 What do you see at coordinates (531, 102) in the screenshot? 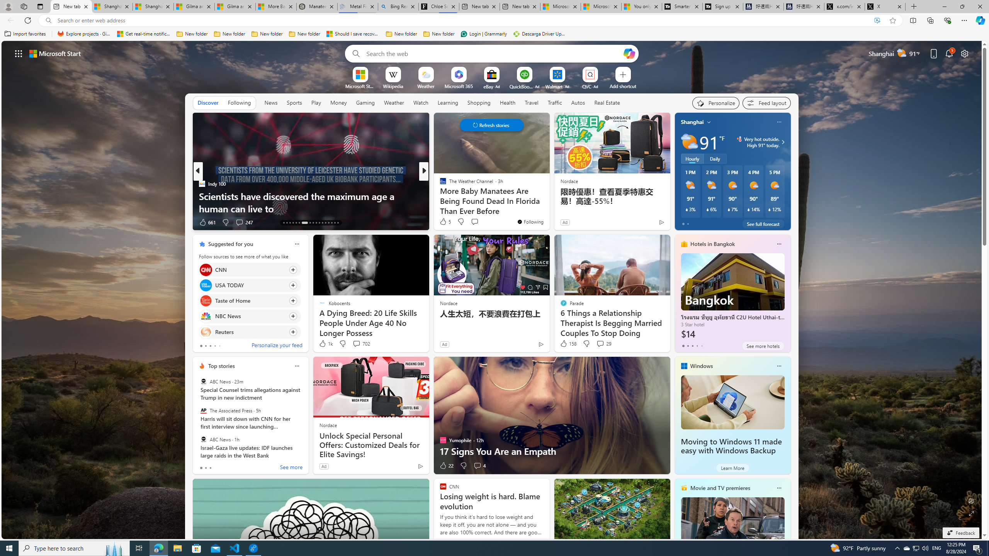
I see `'Travel'` at bounding box center [531, 102].